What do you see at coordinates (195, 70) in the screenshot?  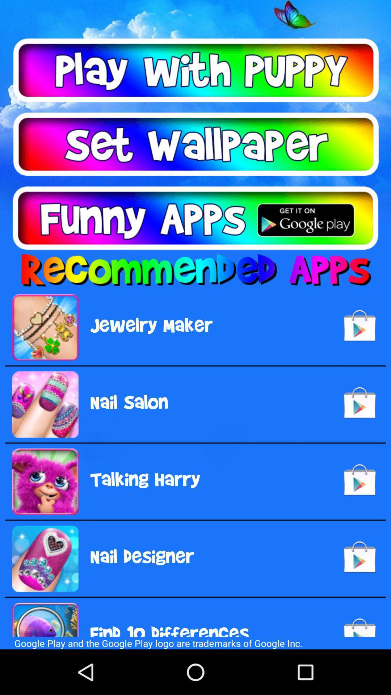 I see `autoplay option` at bounding box center [195, 70].